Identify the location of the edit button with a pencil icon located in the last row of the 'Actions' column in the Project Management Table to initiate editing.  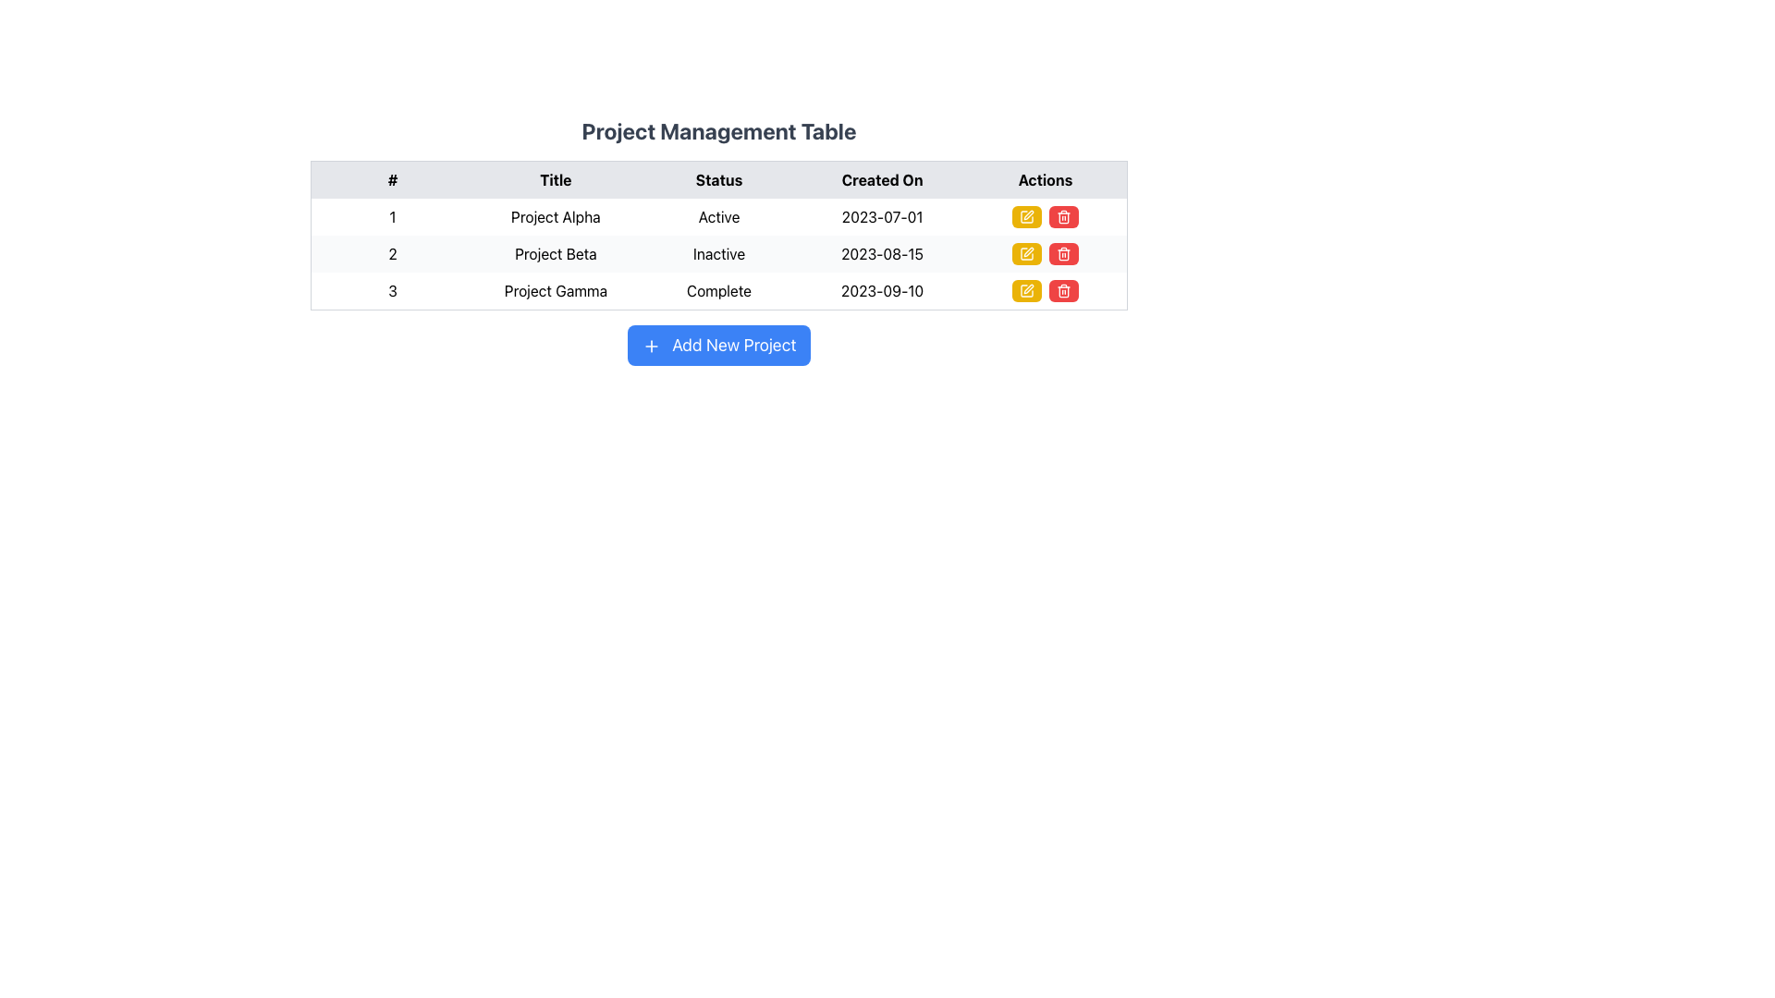
(1025, 291).